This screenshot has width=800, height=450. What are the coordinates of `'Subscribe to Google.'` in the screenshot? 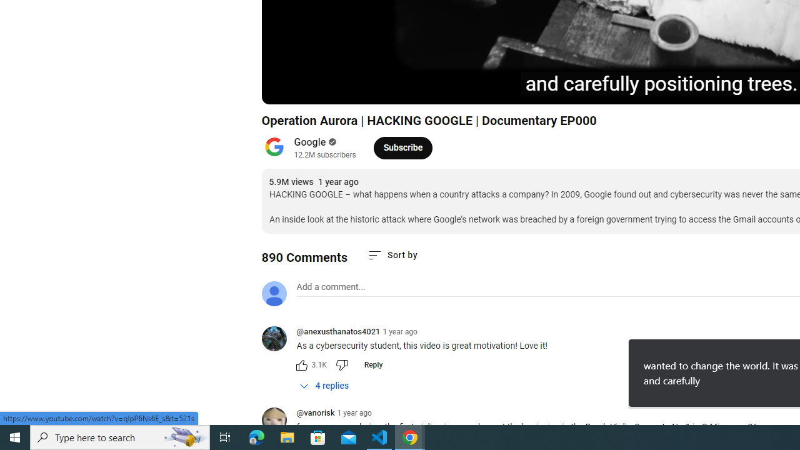 It's located at (402, 147).